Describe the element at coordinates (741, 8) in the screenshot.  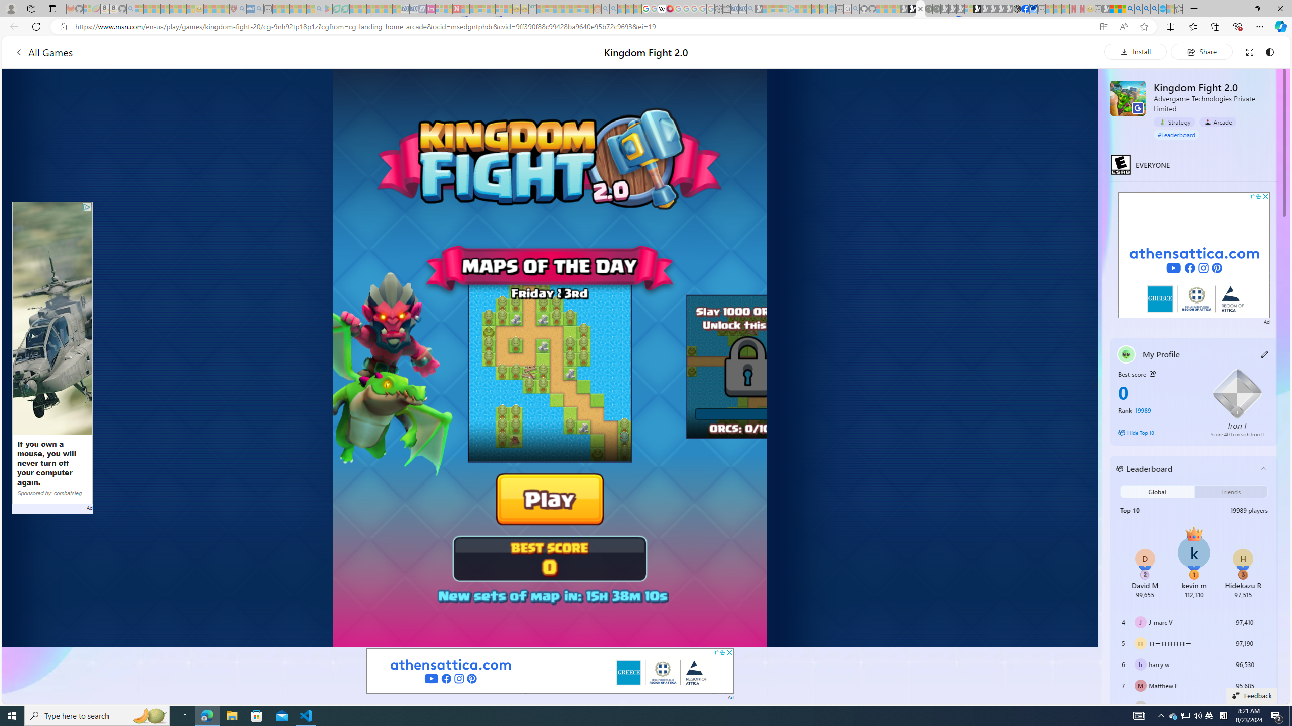
I see `'Cheap Car Rentals - Save70.com - Sleeping'` at that location.